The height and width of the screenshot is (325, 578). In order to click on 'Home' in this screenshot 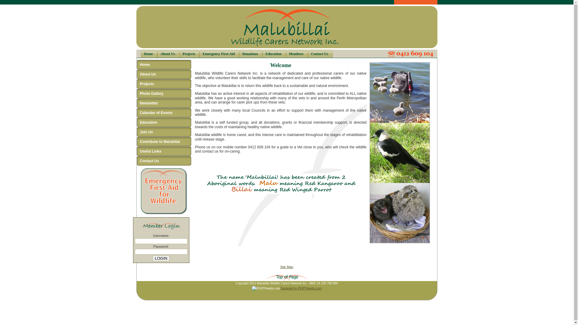, I will do `click(163, 65)`.